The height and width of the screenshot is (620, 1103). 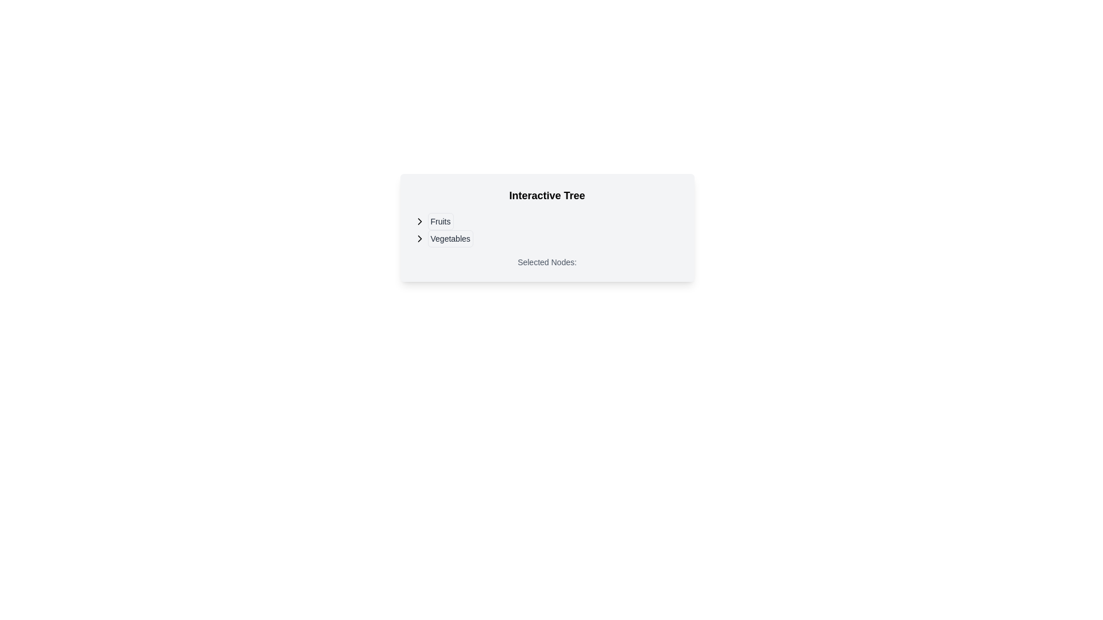 What do you see at coordinates (419, 238) in the screenshot?
I see `the chevron/arrow icon adjacent to the 'Vegetables' label in the 'Interactive Tree'` at bounding box center [419, 238].